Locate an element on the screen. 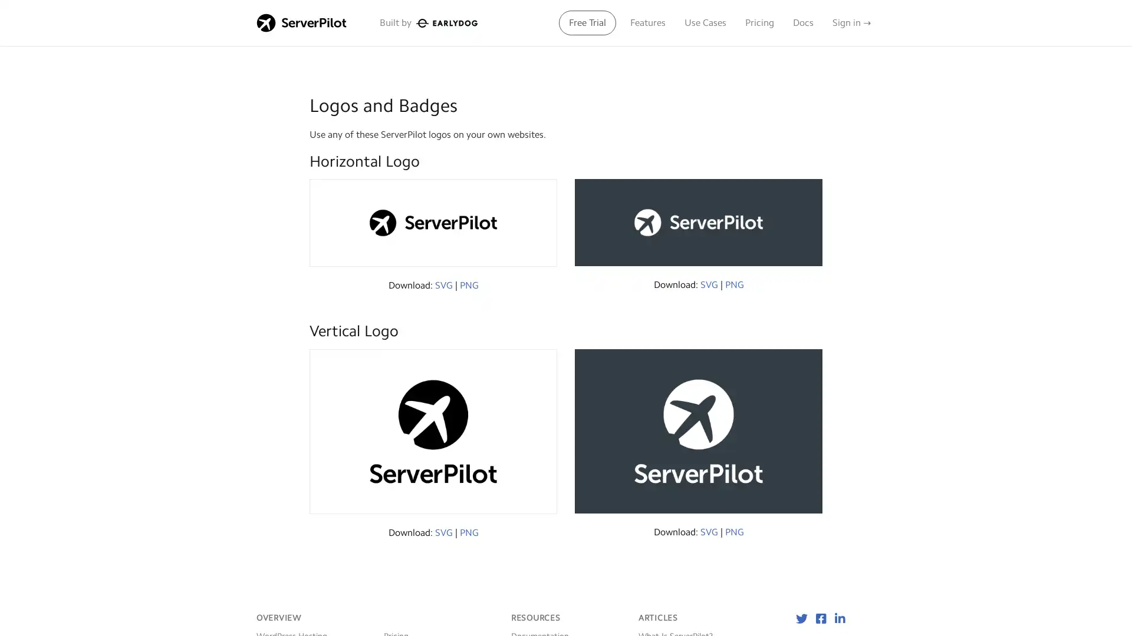 This screenshot has height=636, width=1132. Free Trial is located at coordinates (587, 22).